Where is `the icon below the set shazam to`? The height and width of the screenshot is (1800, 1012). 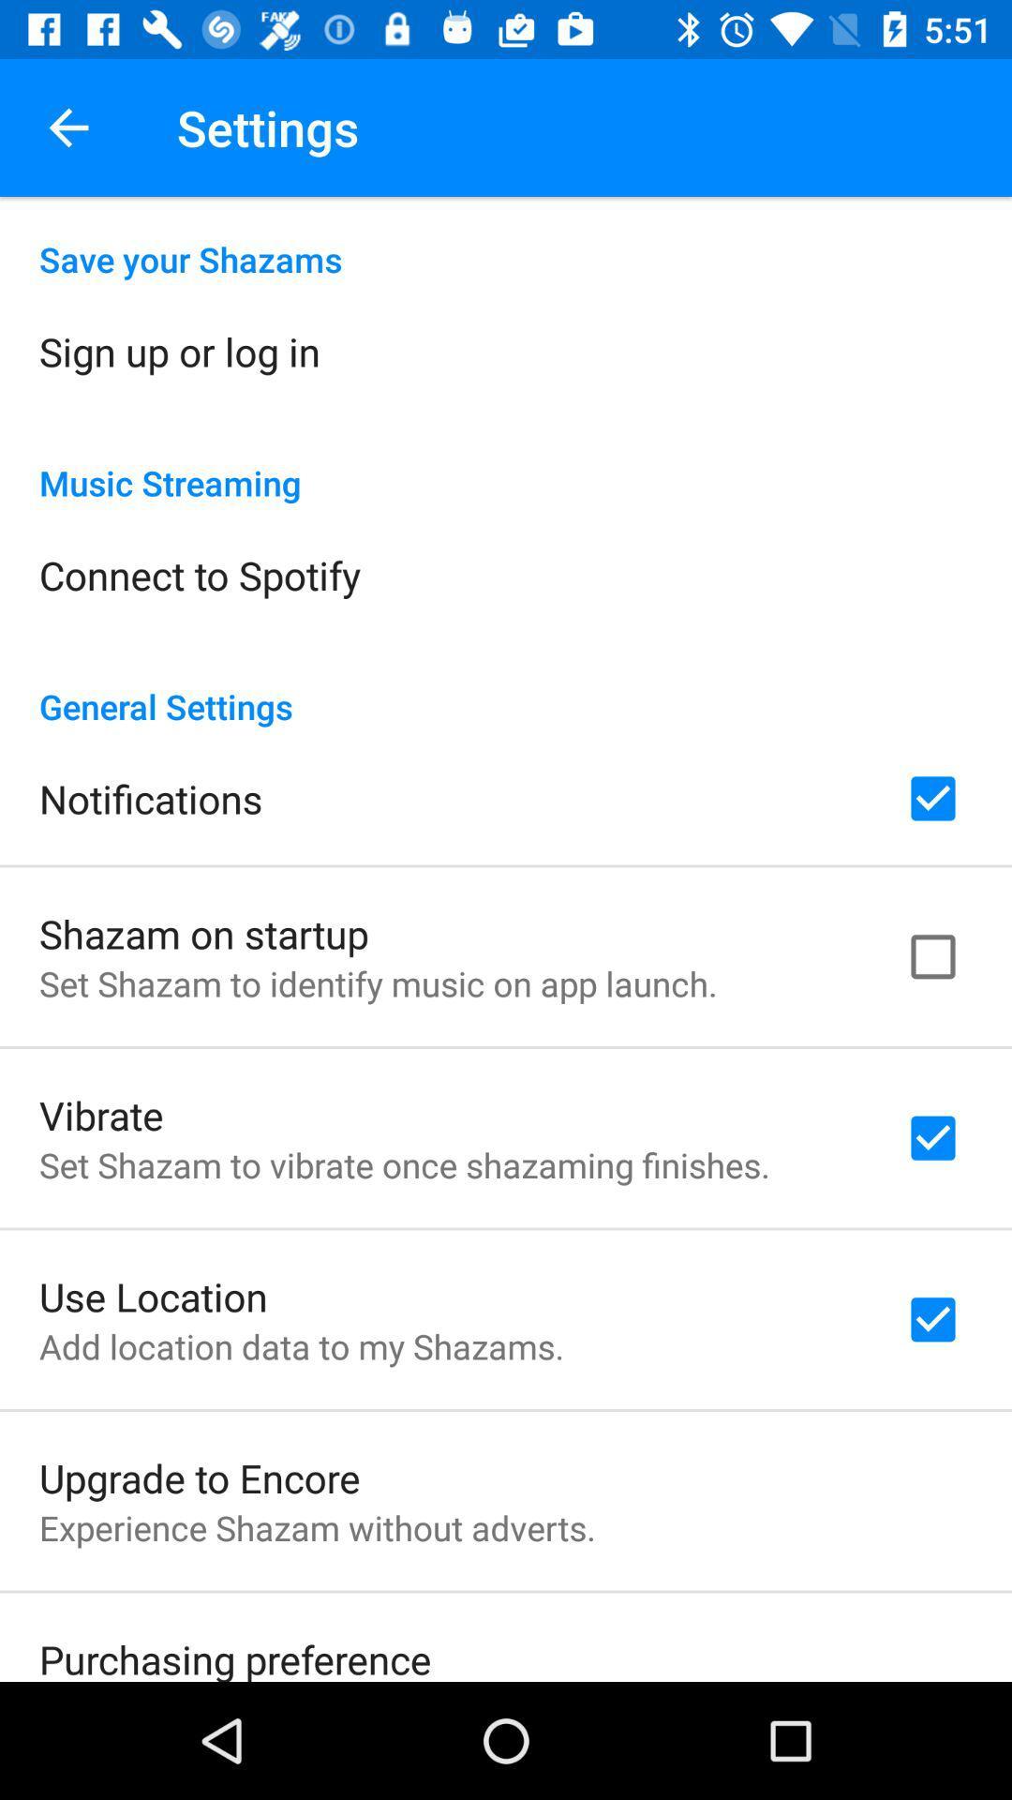 the icon below the set shazam to is located at coordinates (152, 1295).